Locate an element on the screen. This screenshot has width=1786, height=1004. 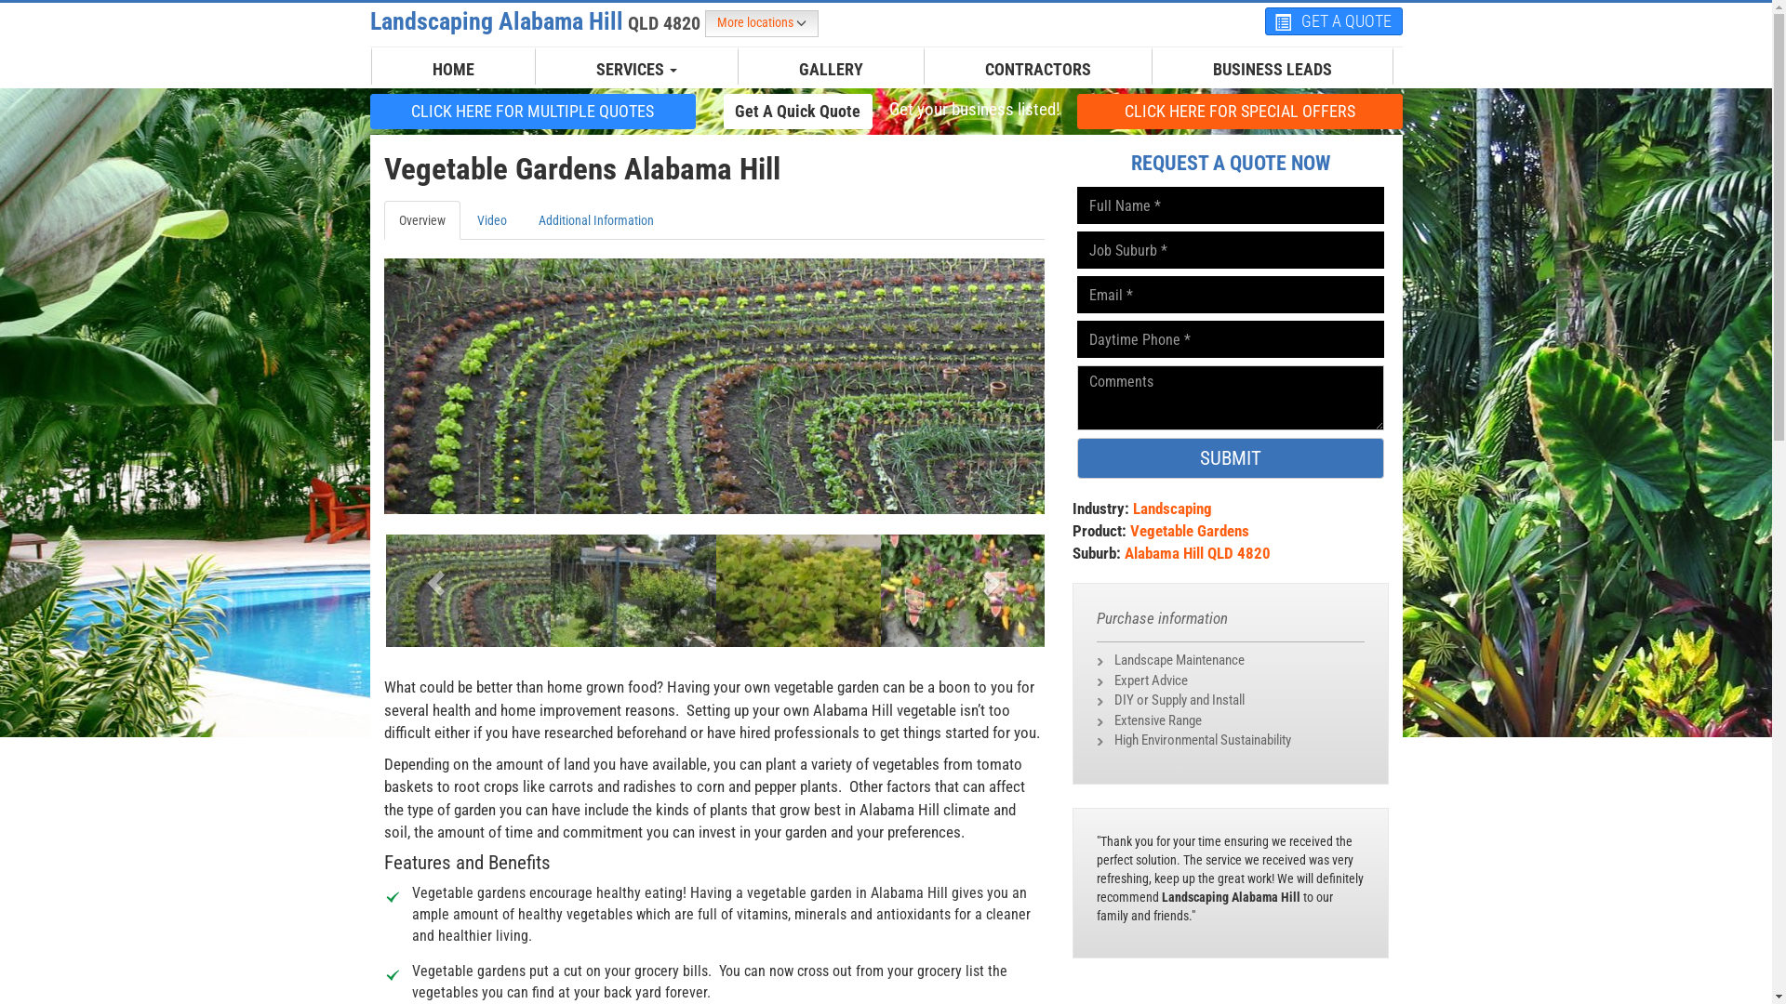
'More locations' is located at coordinates (762, 23).